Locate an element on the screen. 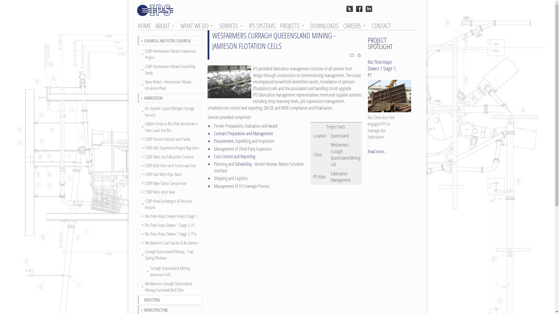  'ABOUT' is located at coordinates (165, 25).